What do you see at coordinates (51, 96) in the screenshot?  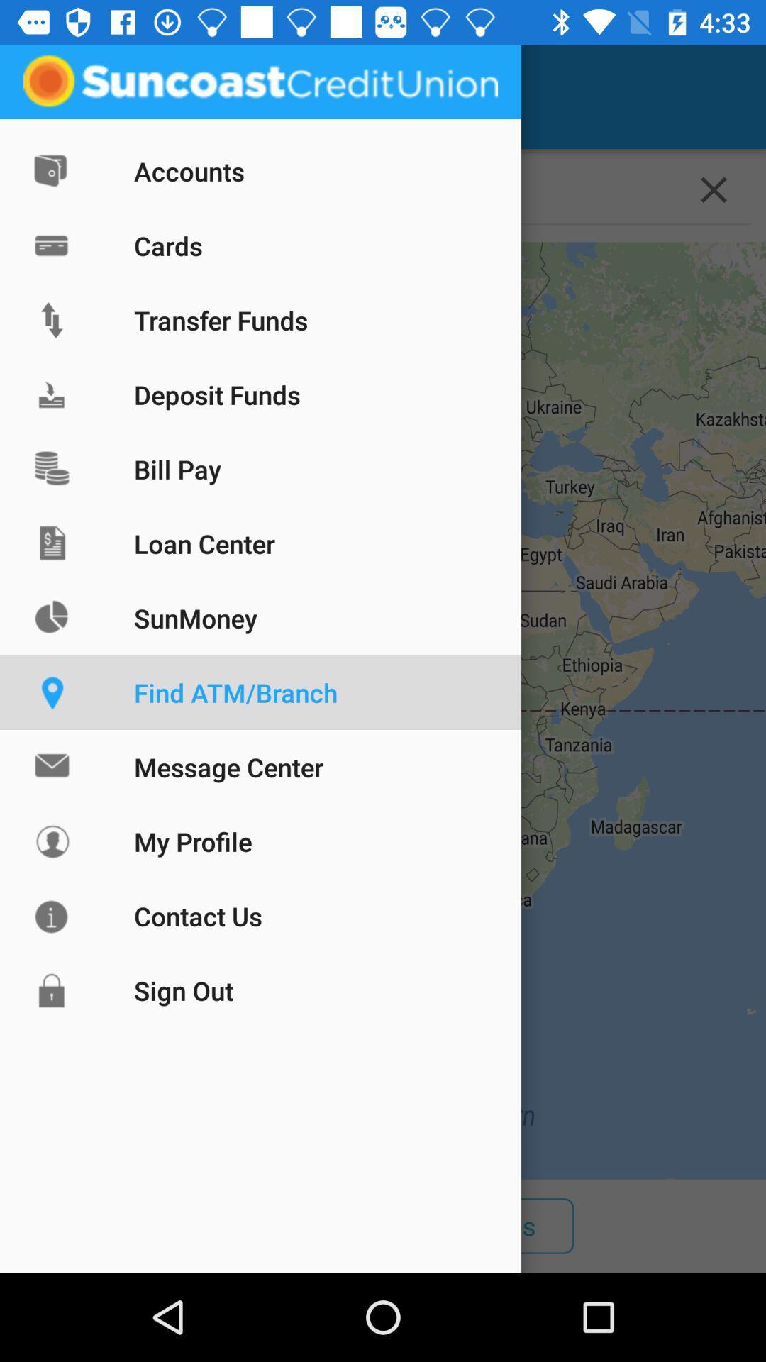 I see `icon above 10212 icon` at bounding box center [51, 96].